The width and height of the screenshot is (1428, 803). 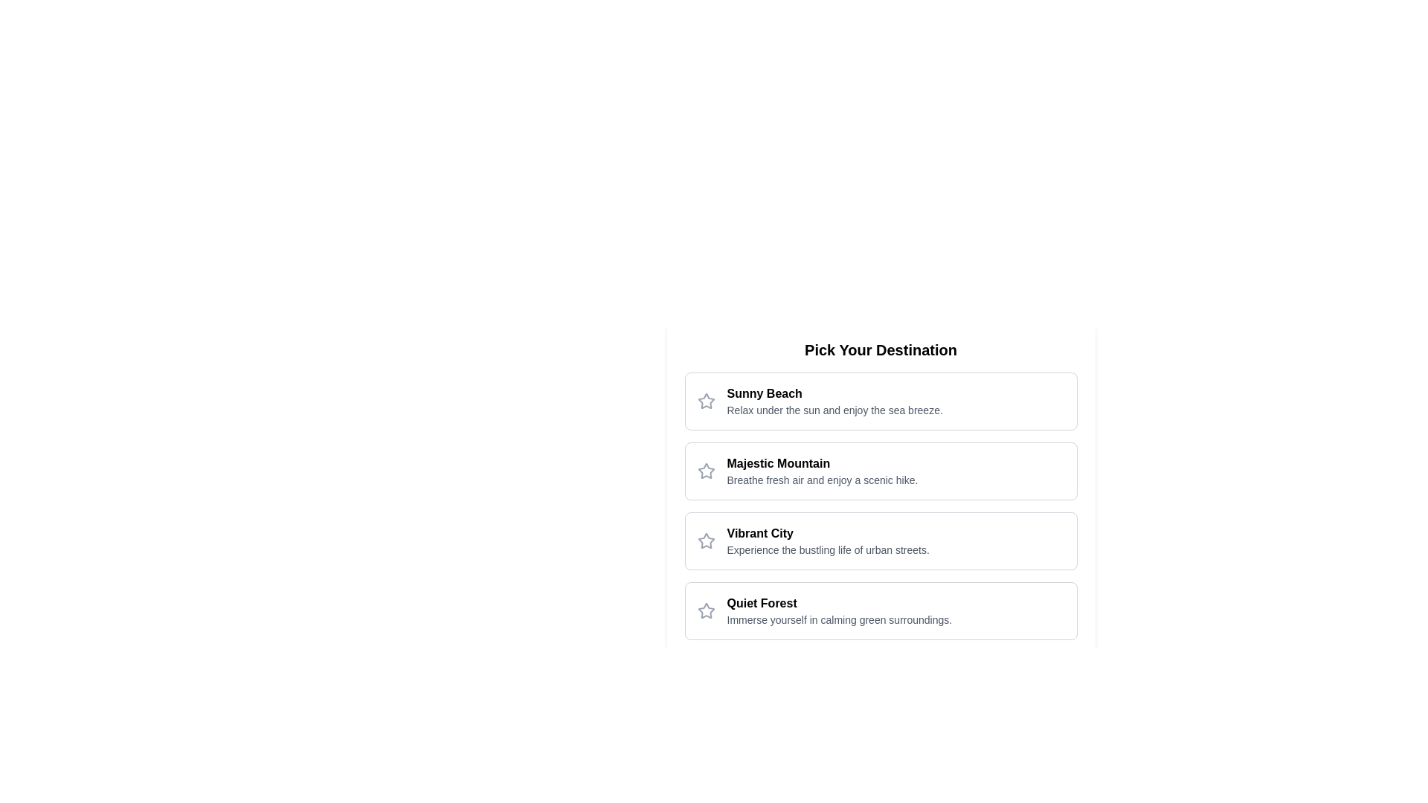 I want to click on the 'Quiet Forest' clickable card, which is the last item in the vertical list of destination options, so click(x=881, y=610).